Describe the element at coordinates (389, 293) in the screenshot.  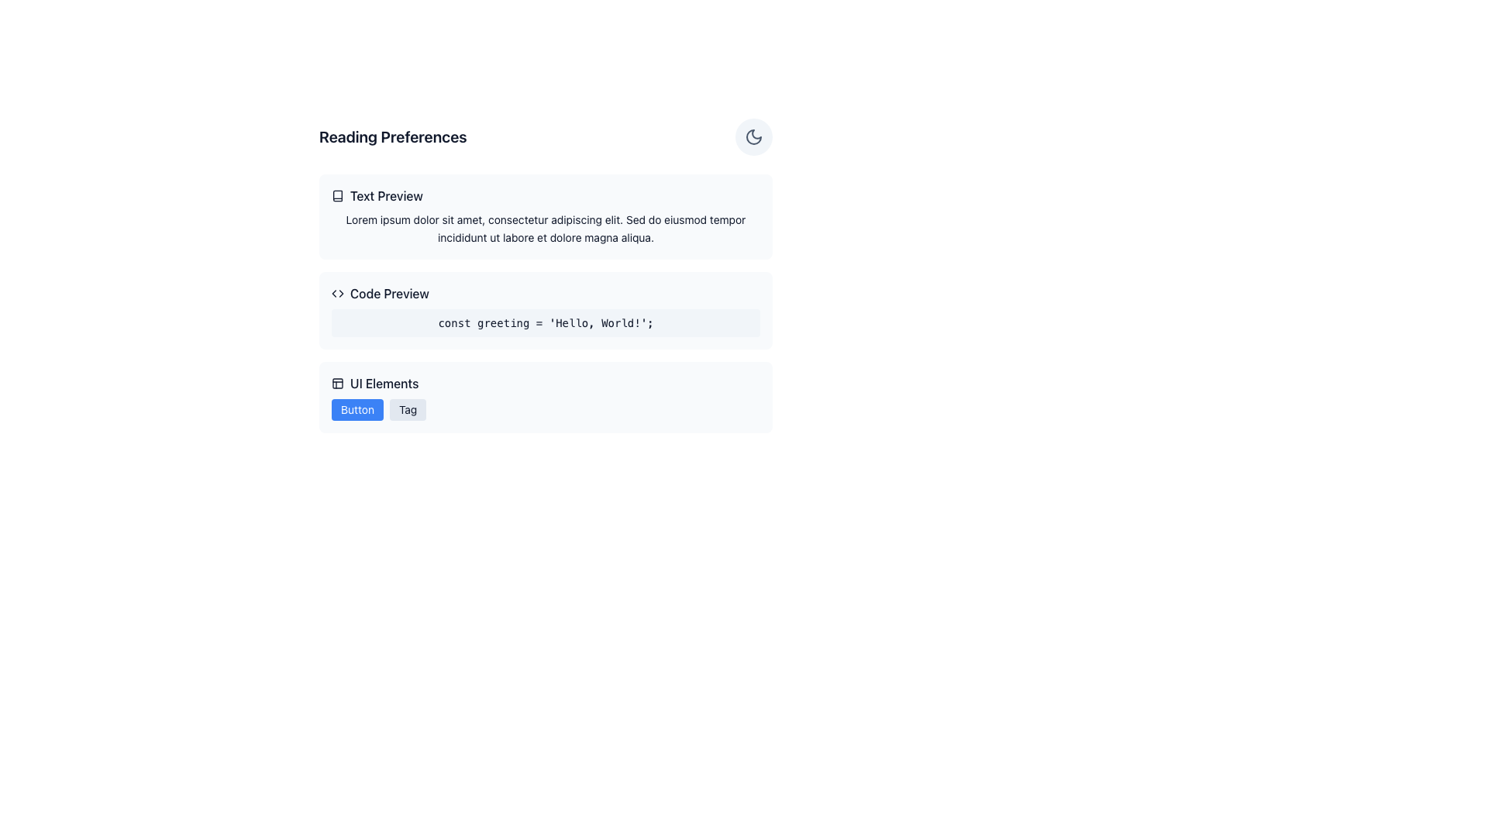
I see `the 'Code Preview' text label, which is a bold label located beneath 'Text Preview' and positioned near the top-center of a horizontal group with icons to the left` at that location.